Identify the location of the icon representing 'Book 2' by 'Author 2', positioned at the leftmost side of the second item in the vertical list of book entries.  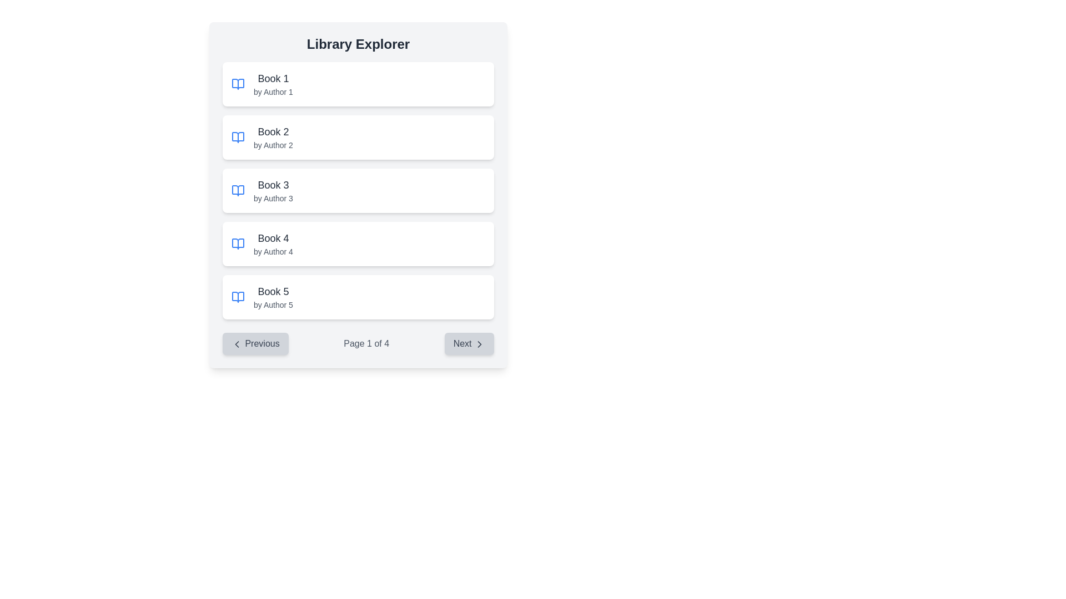
(237, 136).